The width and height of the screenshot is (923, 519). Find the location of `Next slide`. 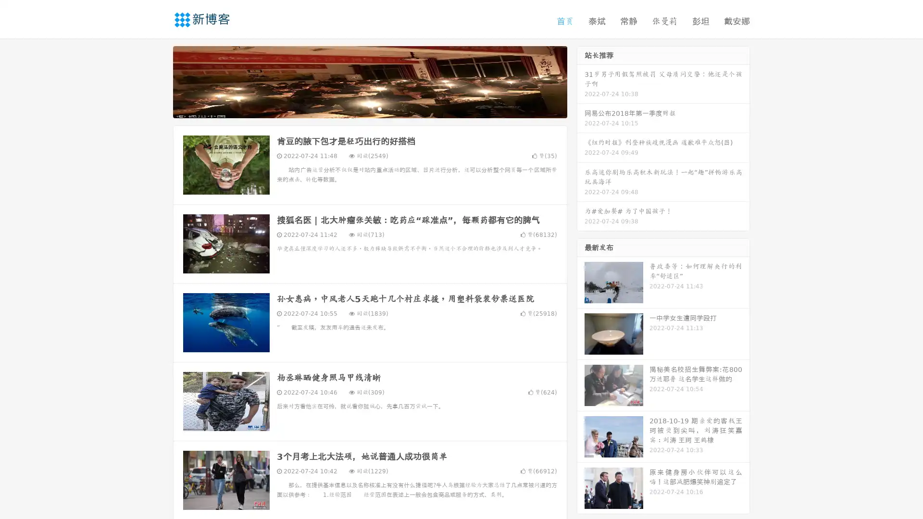

Next slide is located at coordinates (581, 81).